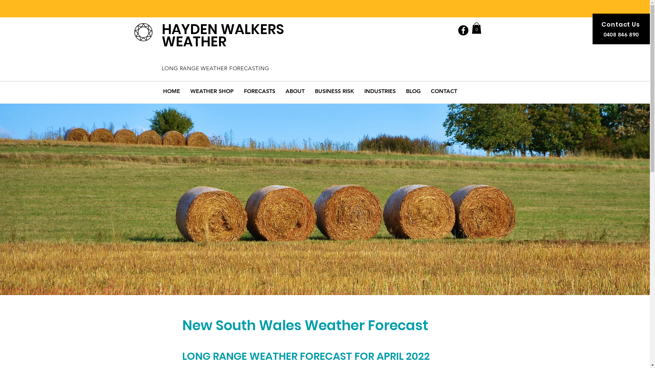  Describe the element at coordinates (379, 91) in the screenshot. I see `'INDUSTRIES'` at that location.